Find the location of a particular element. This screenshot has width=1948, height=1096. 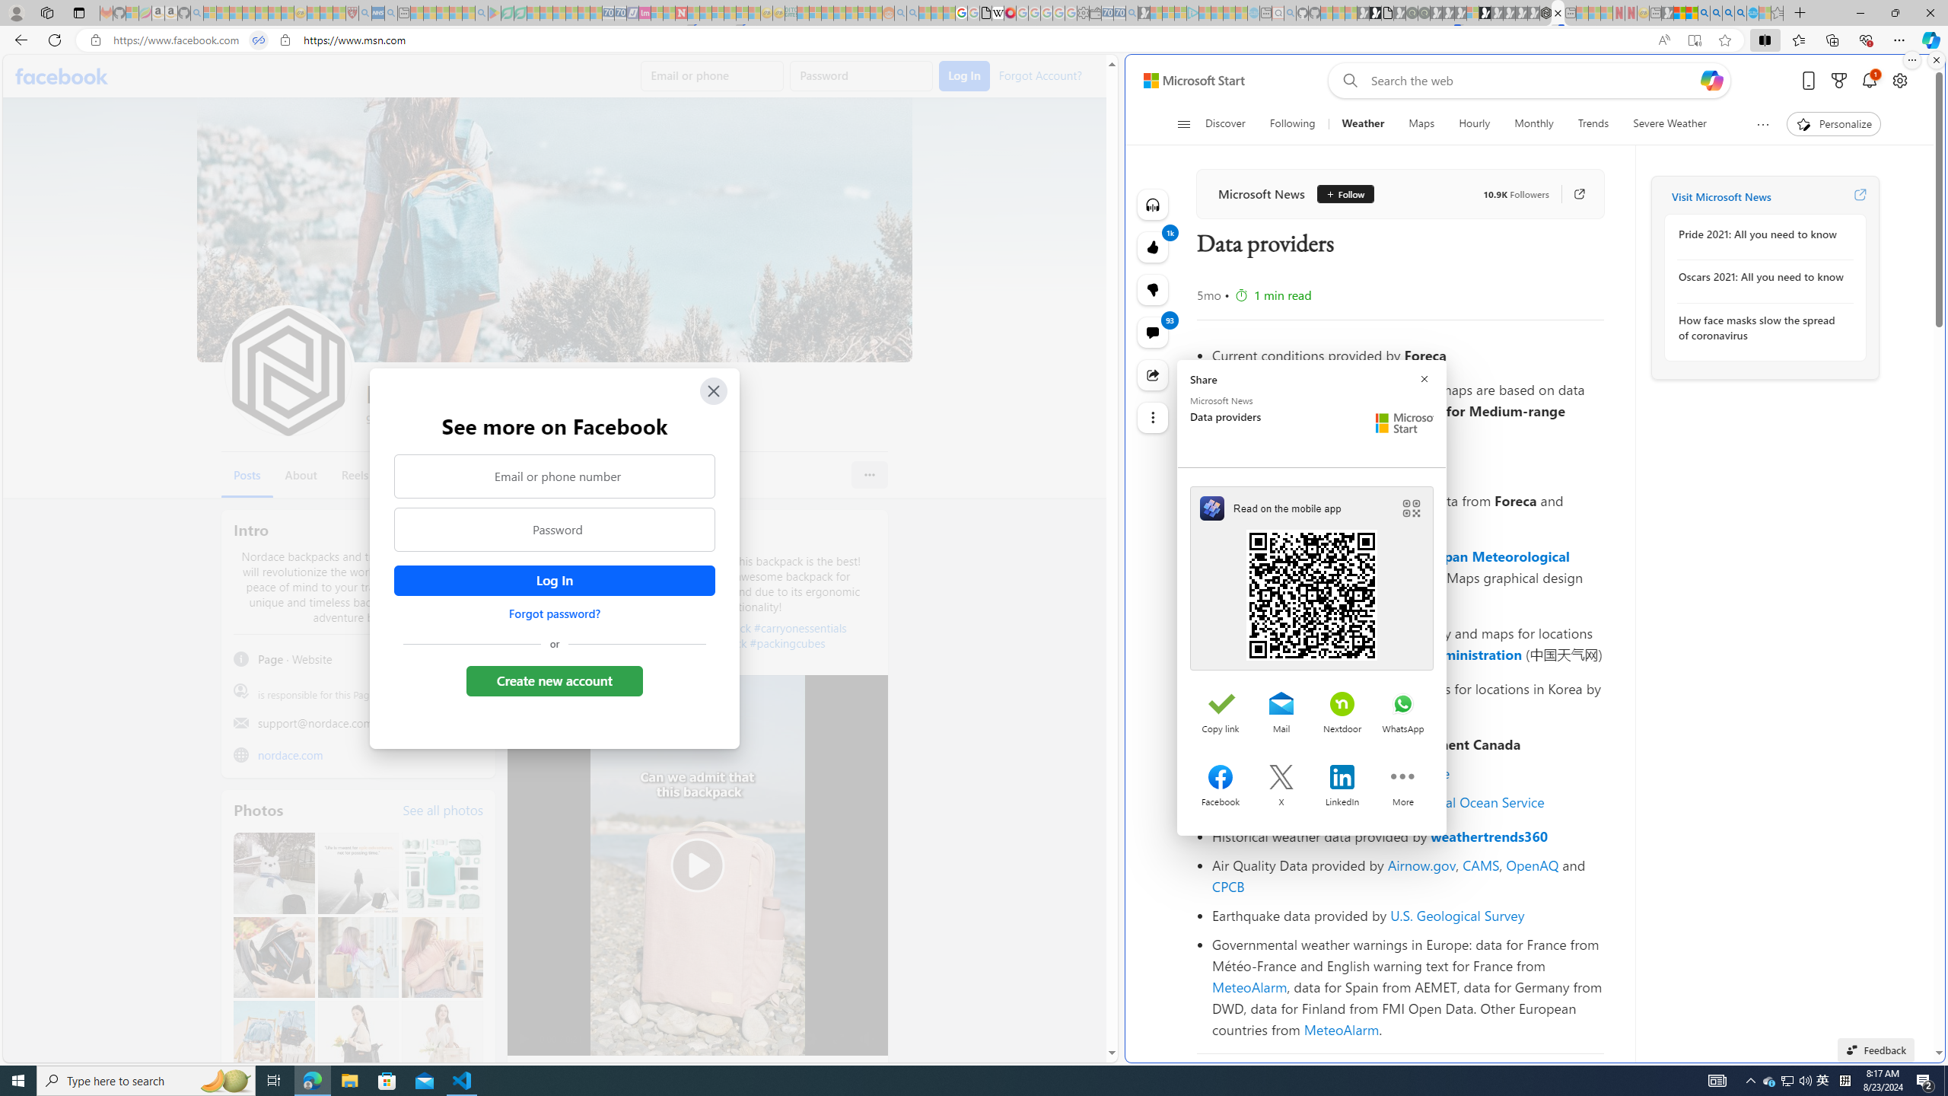

'U.S. Geological Survey' is located at coordinates (1457, 915).